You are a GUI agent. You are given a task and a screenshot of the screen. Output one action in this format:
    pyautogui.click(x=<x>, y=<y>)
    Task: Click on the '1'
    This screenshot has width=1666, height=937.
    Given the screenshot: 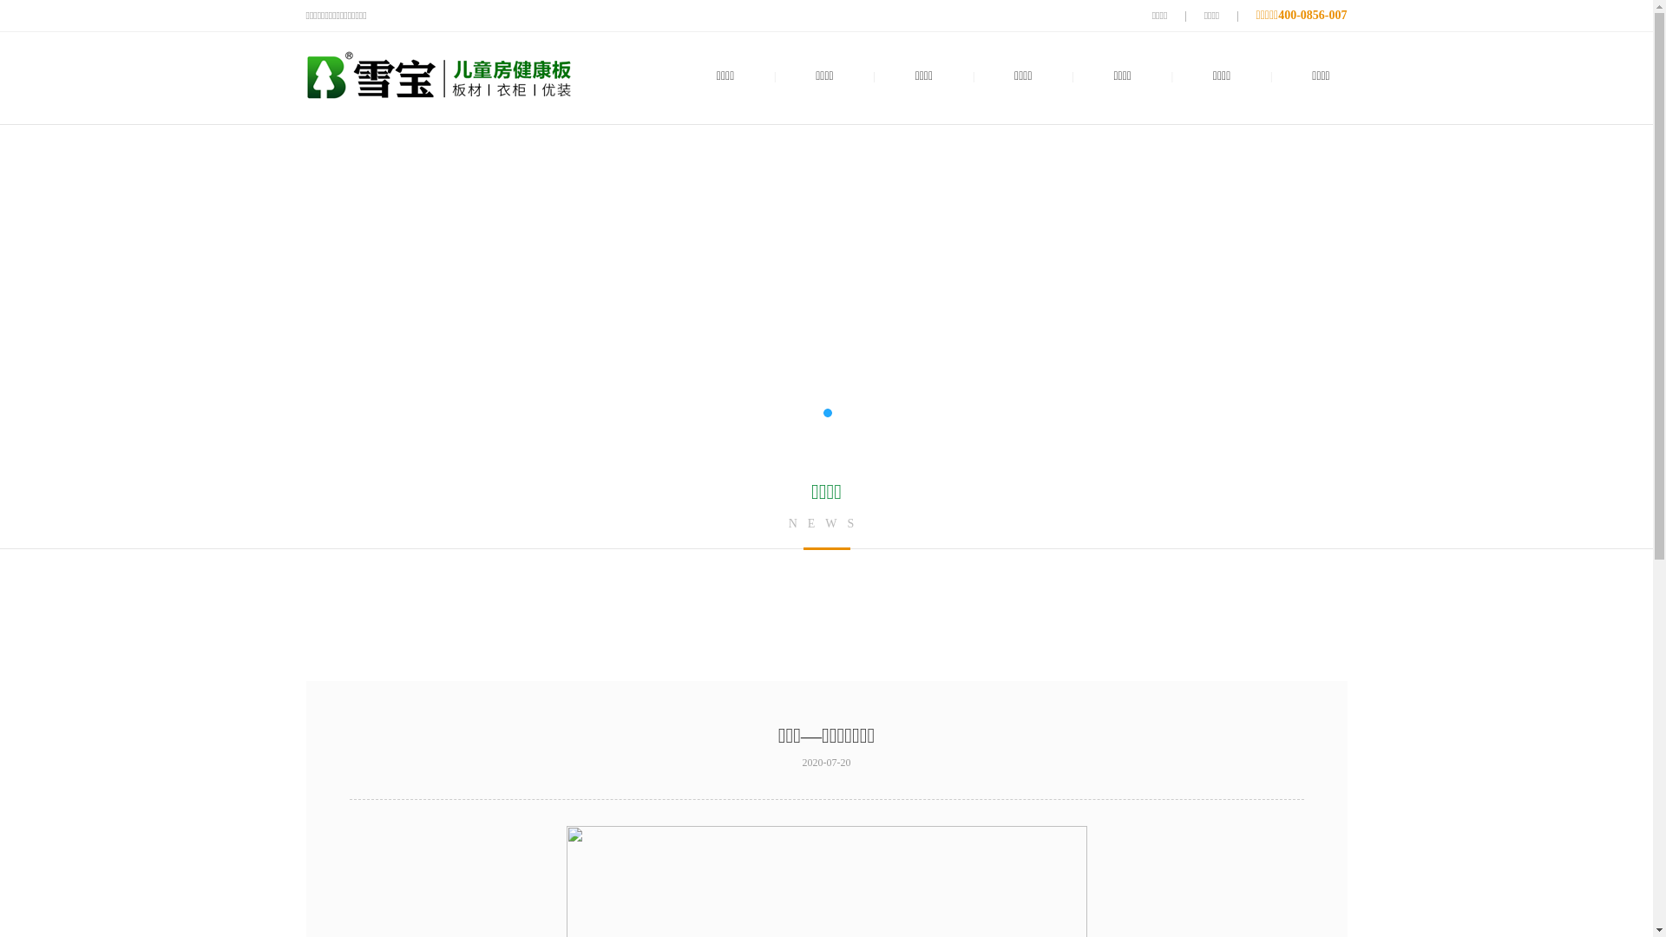 What is the action you would take?
    pyautogui.click(x=824, y=412)
    